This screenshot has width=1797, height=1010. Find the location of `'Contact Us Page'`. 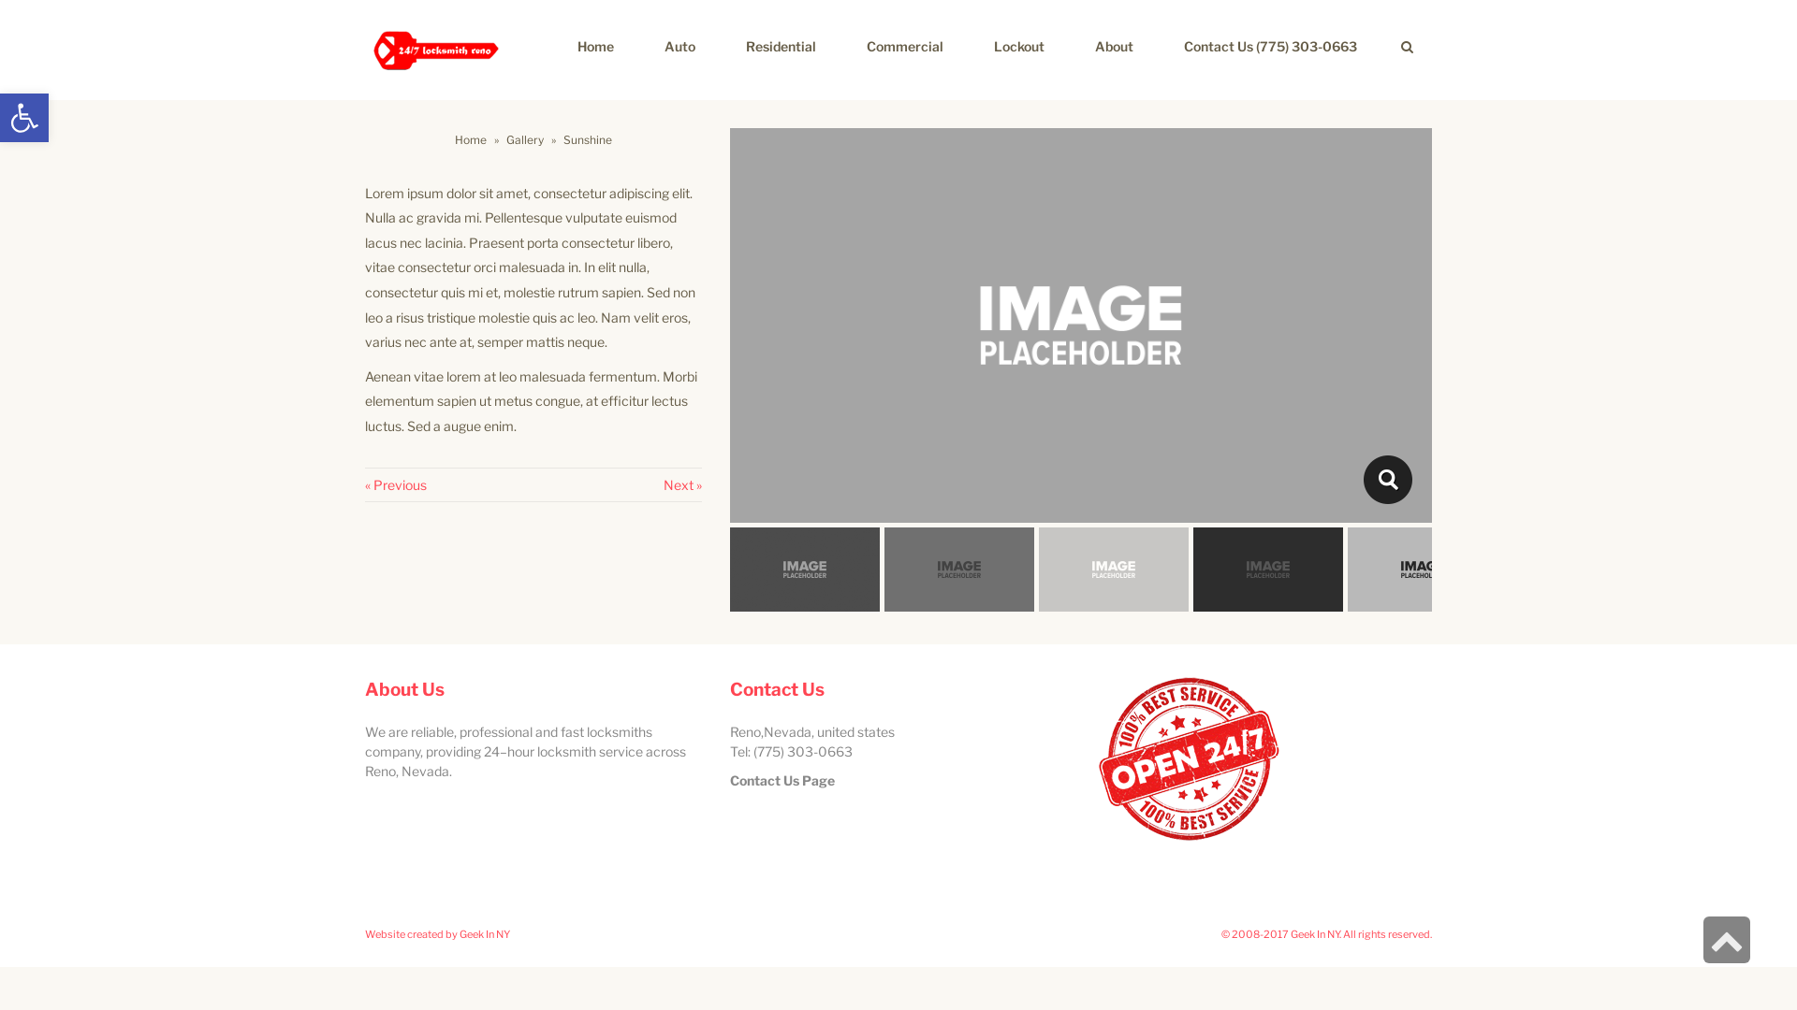

'Contact Us Page' is located at coordinates (782, 780).